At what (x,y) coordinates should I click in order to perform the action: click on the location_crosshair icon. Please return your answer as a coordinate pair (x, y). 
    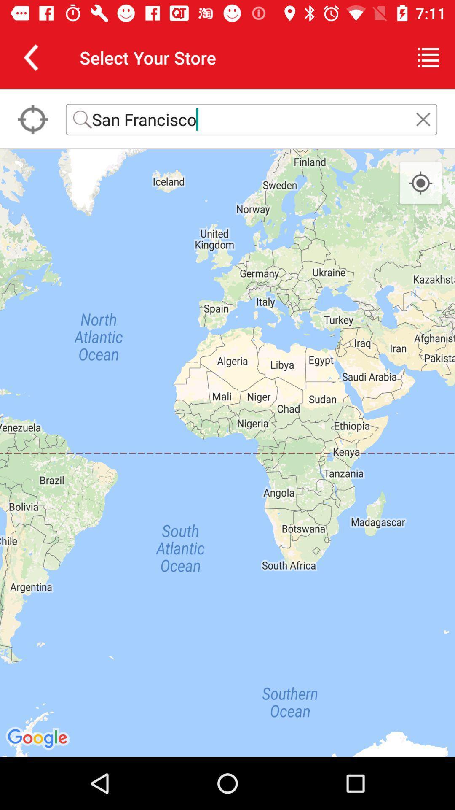
    Looking at the image, I should click on (420, 183).